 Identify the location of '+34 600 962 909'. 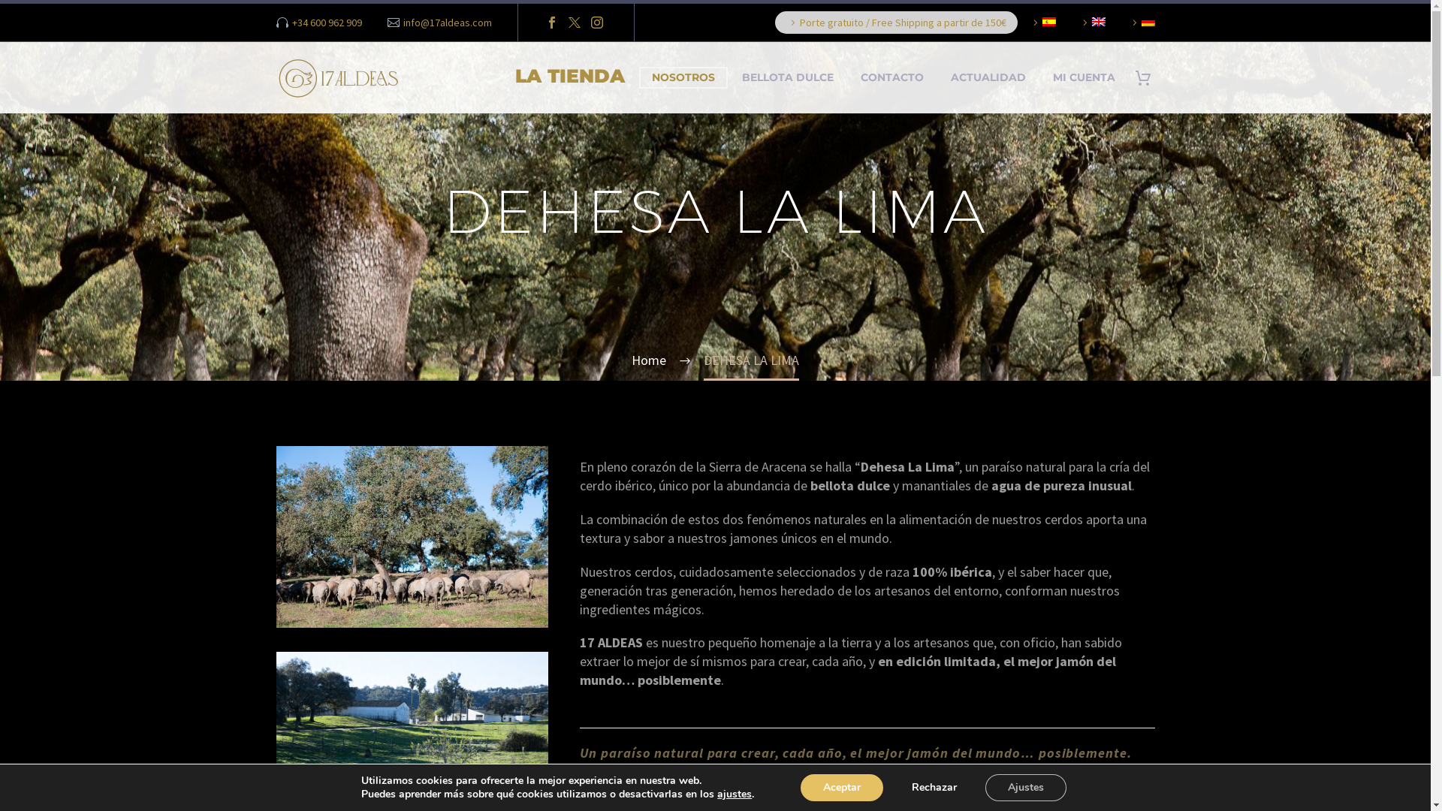
(291, 23).